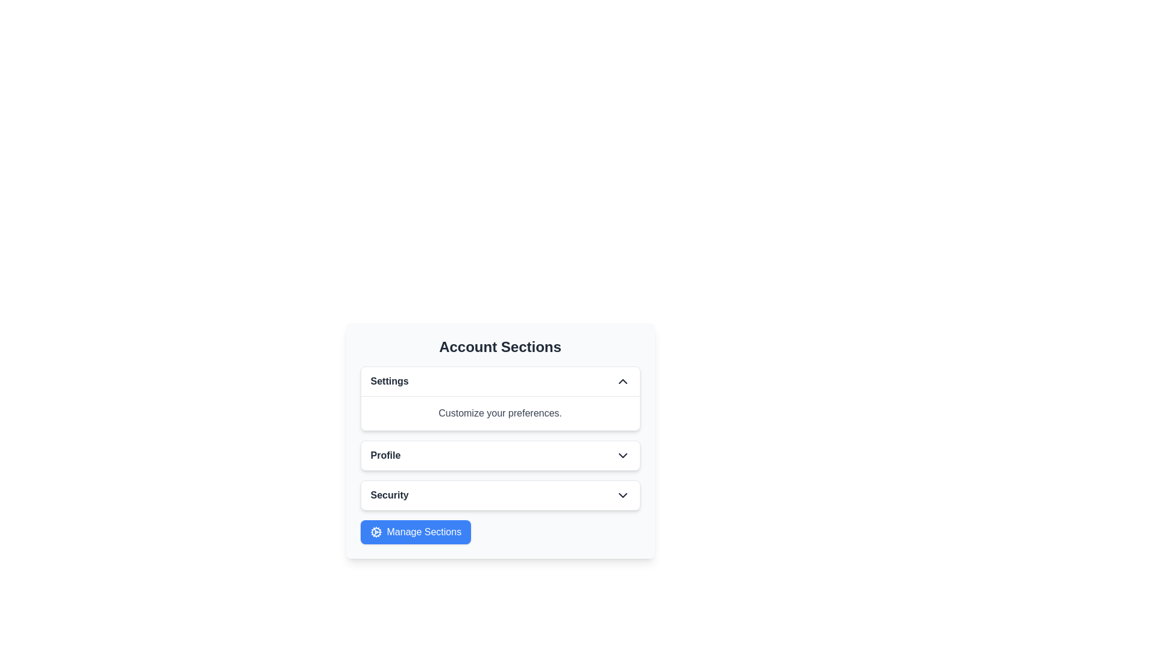 This screenshot has width=1158, height=651. Describe the element at coordinates (390, 495) in the screenshot. I see `the text label indicating the 'Security Settings' section in the 'Account Sections' interface, located to the left of the chevron-down icon` at that location.